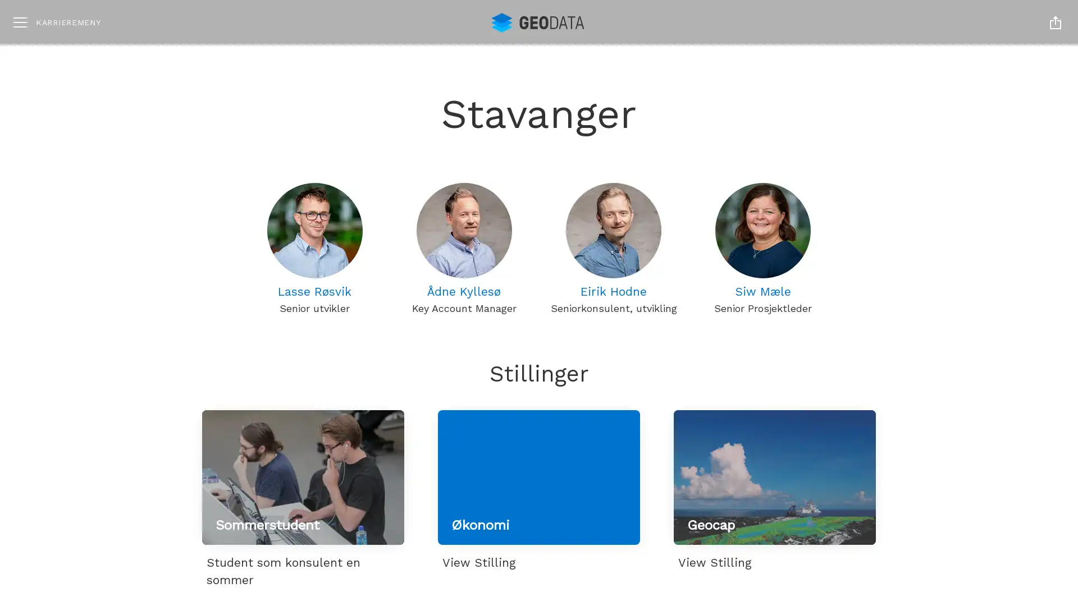 This screenshot has width=1078, height=606. Describe the element at coordinates (1055, 22) in the screenshot. I see `Del side` at that location.